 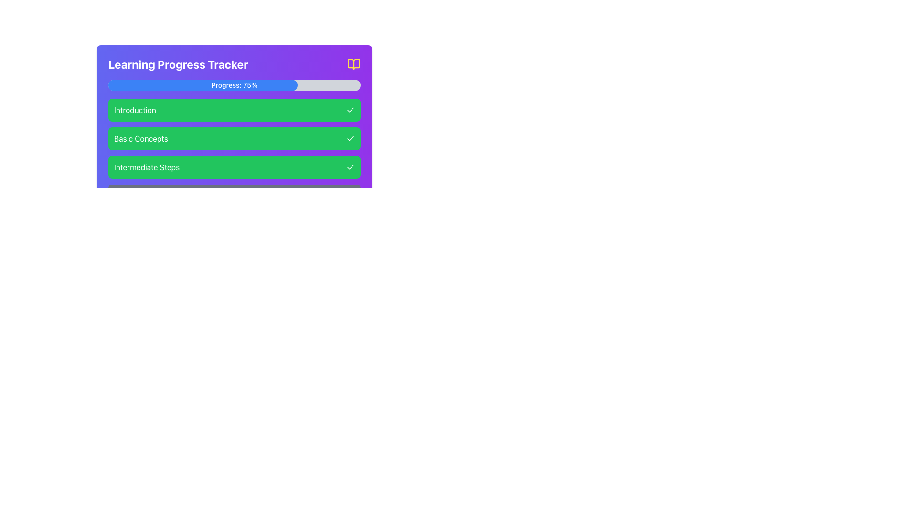 What do you see at coordinates (234, 152) in the screenshot?
I see `the vertical stack of sections labeled 'Introduction', 'Basic Concepts', 'Intermediate Steps', and 'Advanced Techniques' with a green background and rounded edges within the 'Learning Progress Tracker'` at bounding box center [234, 152].